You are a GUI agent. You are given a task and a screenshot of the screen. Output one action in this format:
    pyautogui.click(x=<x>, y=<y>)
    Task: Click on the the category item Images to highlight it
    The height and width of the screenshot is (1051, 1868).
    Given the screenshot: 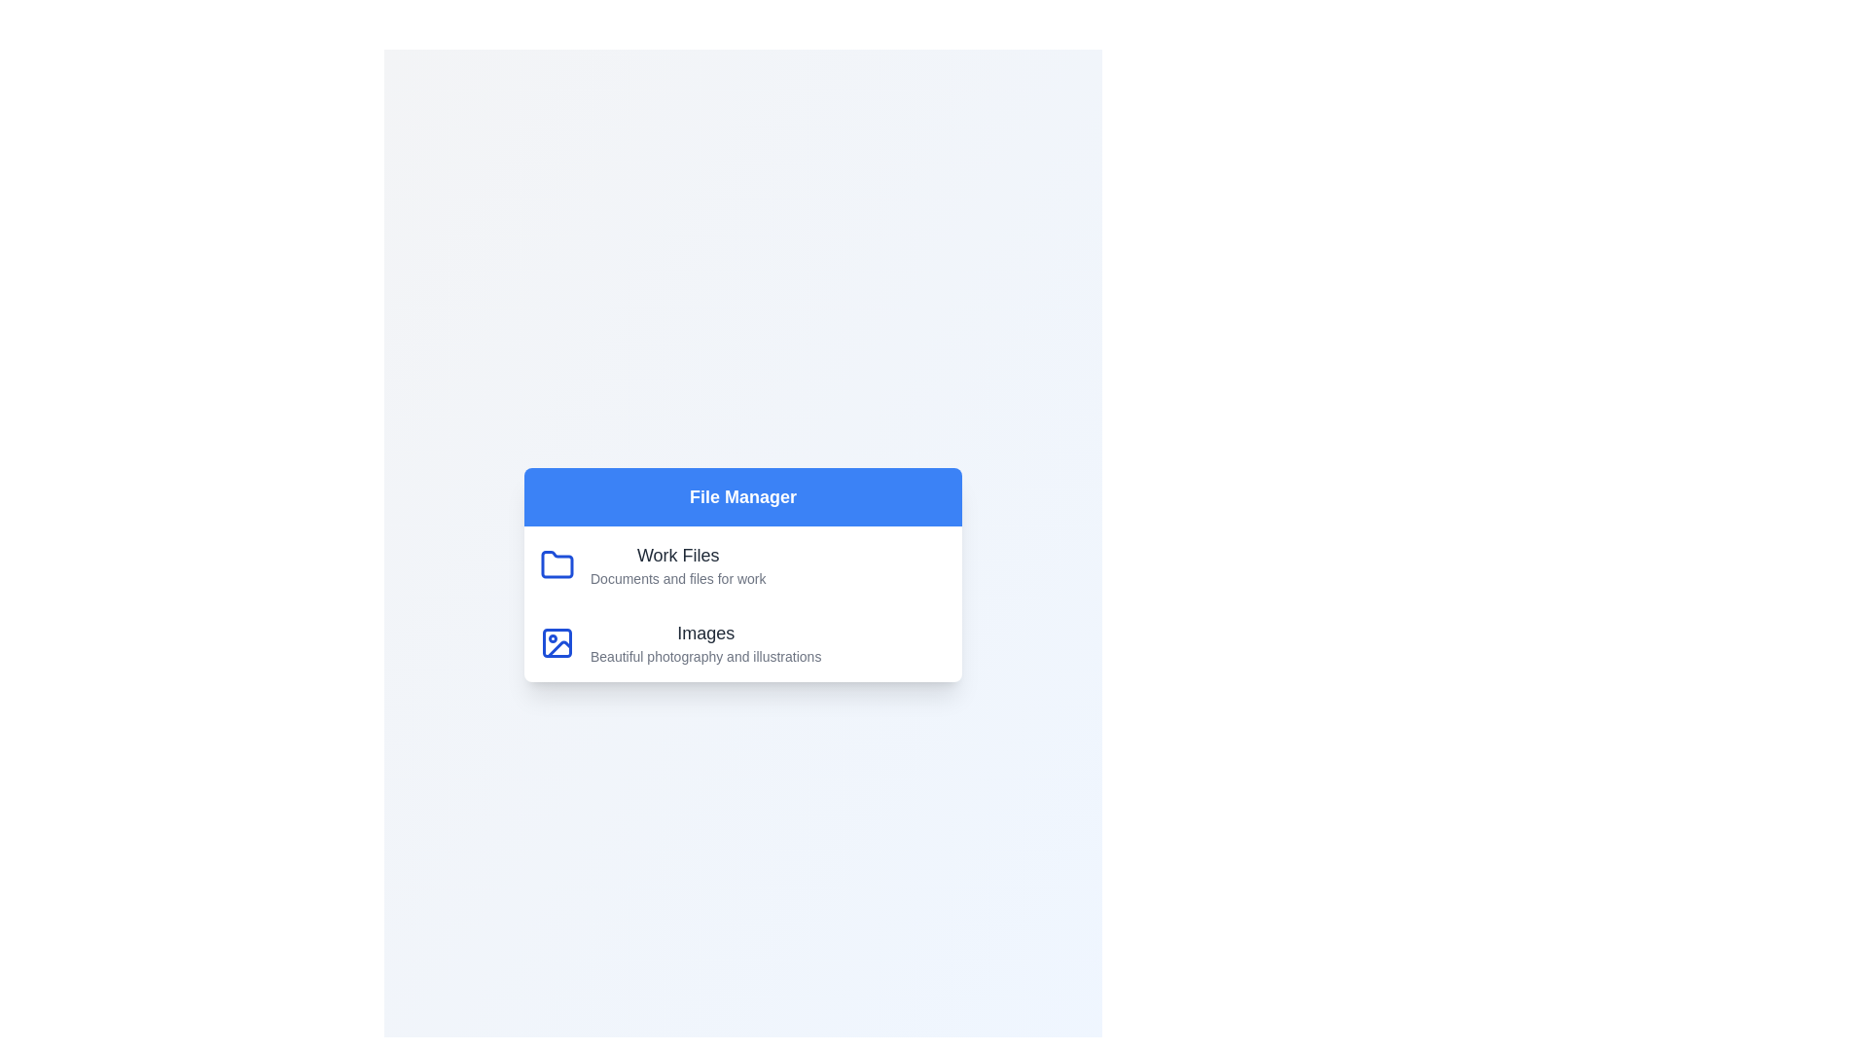 What is the action you would take?
    pyautogui.click(x=741, y=642)
    